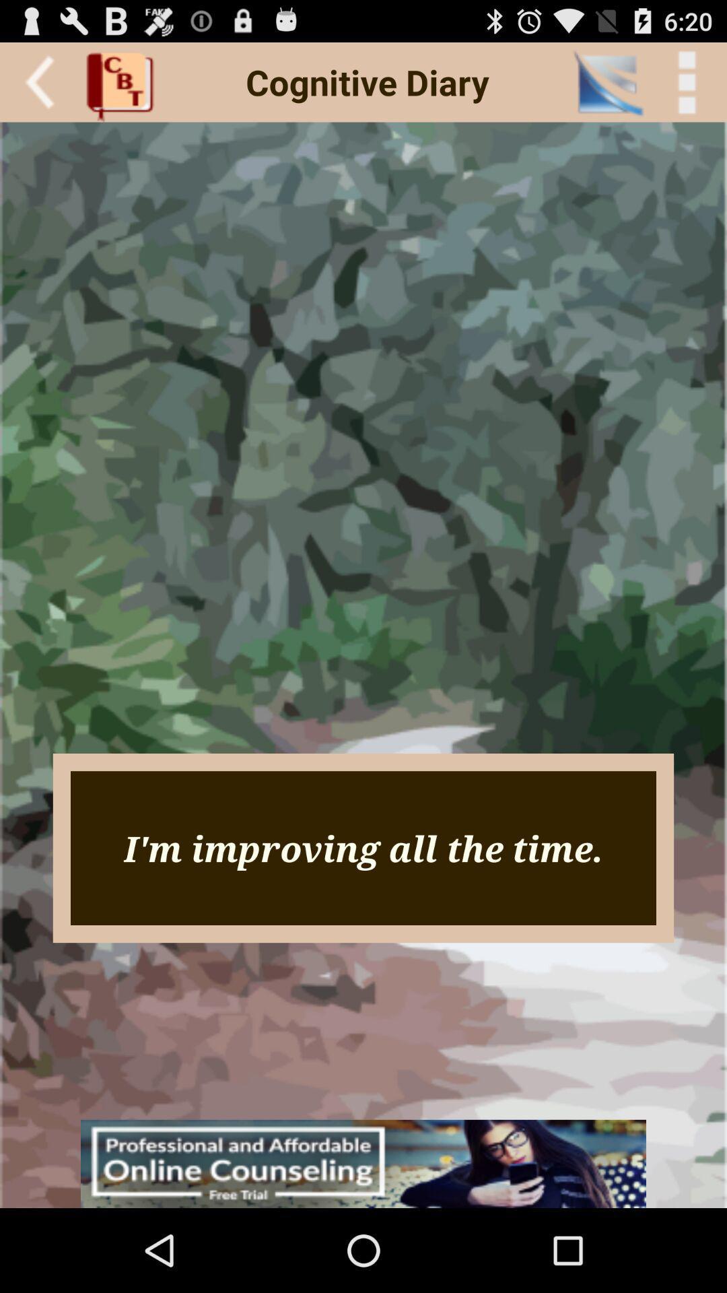  I want to click on advertisement, so click(363, 1163).